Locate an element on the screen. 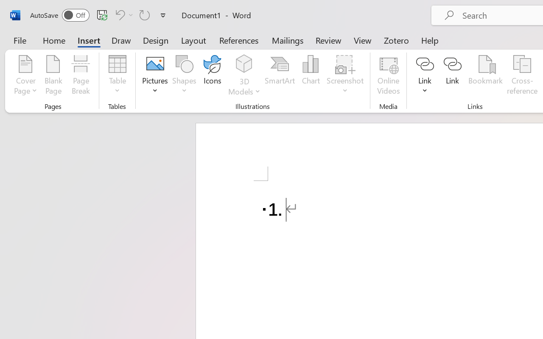 This screenshot has width=543, height=339. 'Cross-reference...' is located at coordinates (522, 76).